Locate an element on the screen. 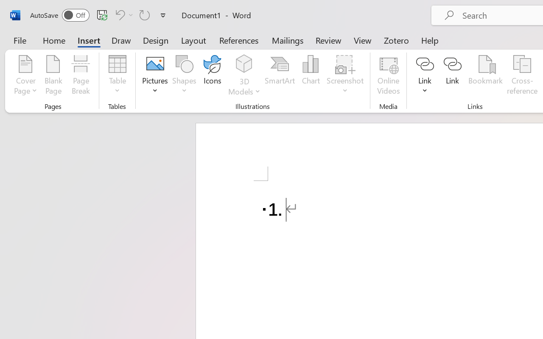 This screenshot has width=543, height=339. 'Cross-reference...' is located at coordinates (522, 76).